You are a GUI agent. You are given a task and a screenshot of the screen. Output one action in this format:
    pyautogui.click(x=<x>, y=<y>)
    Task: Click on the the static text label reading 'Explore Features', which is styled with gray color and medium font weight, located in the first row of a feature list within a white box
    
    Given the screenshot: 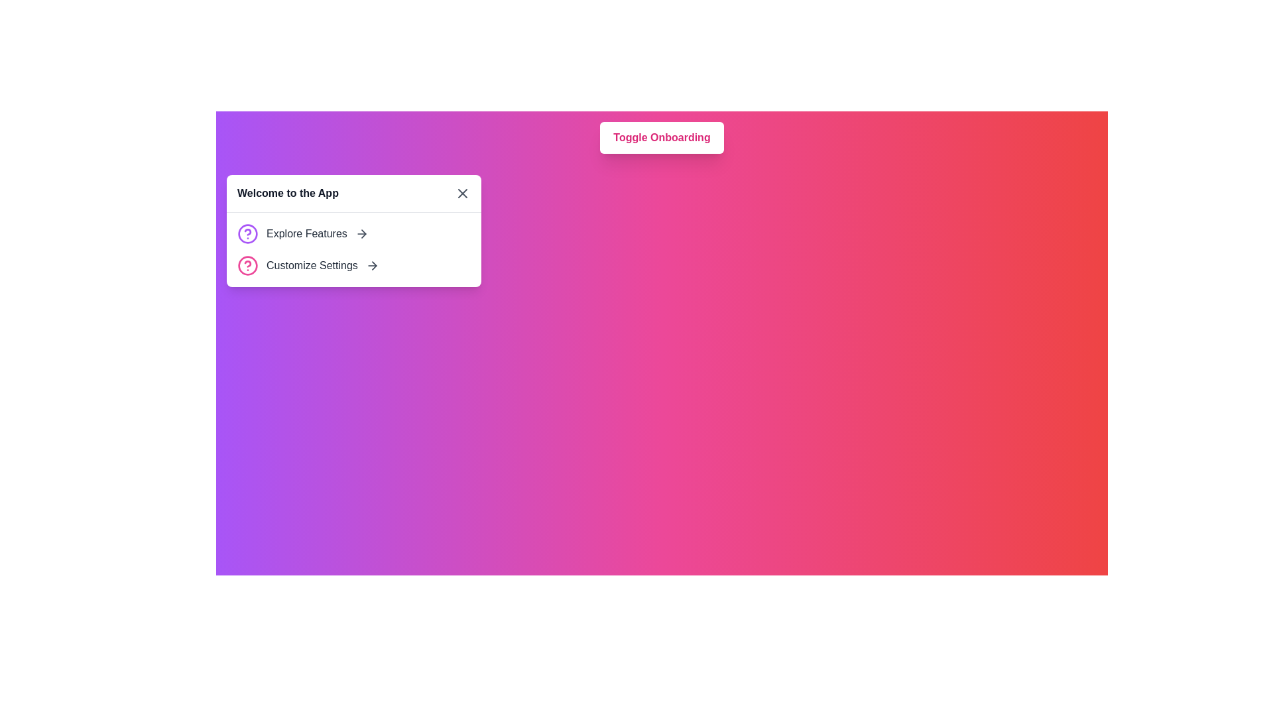 What is the action you would take?
    pyautogui.click(x=306, y=233)
    